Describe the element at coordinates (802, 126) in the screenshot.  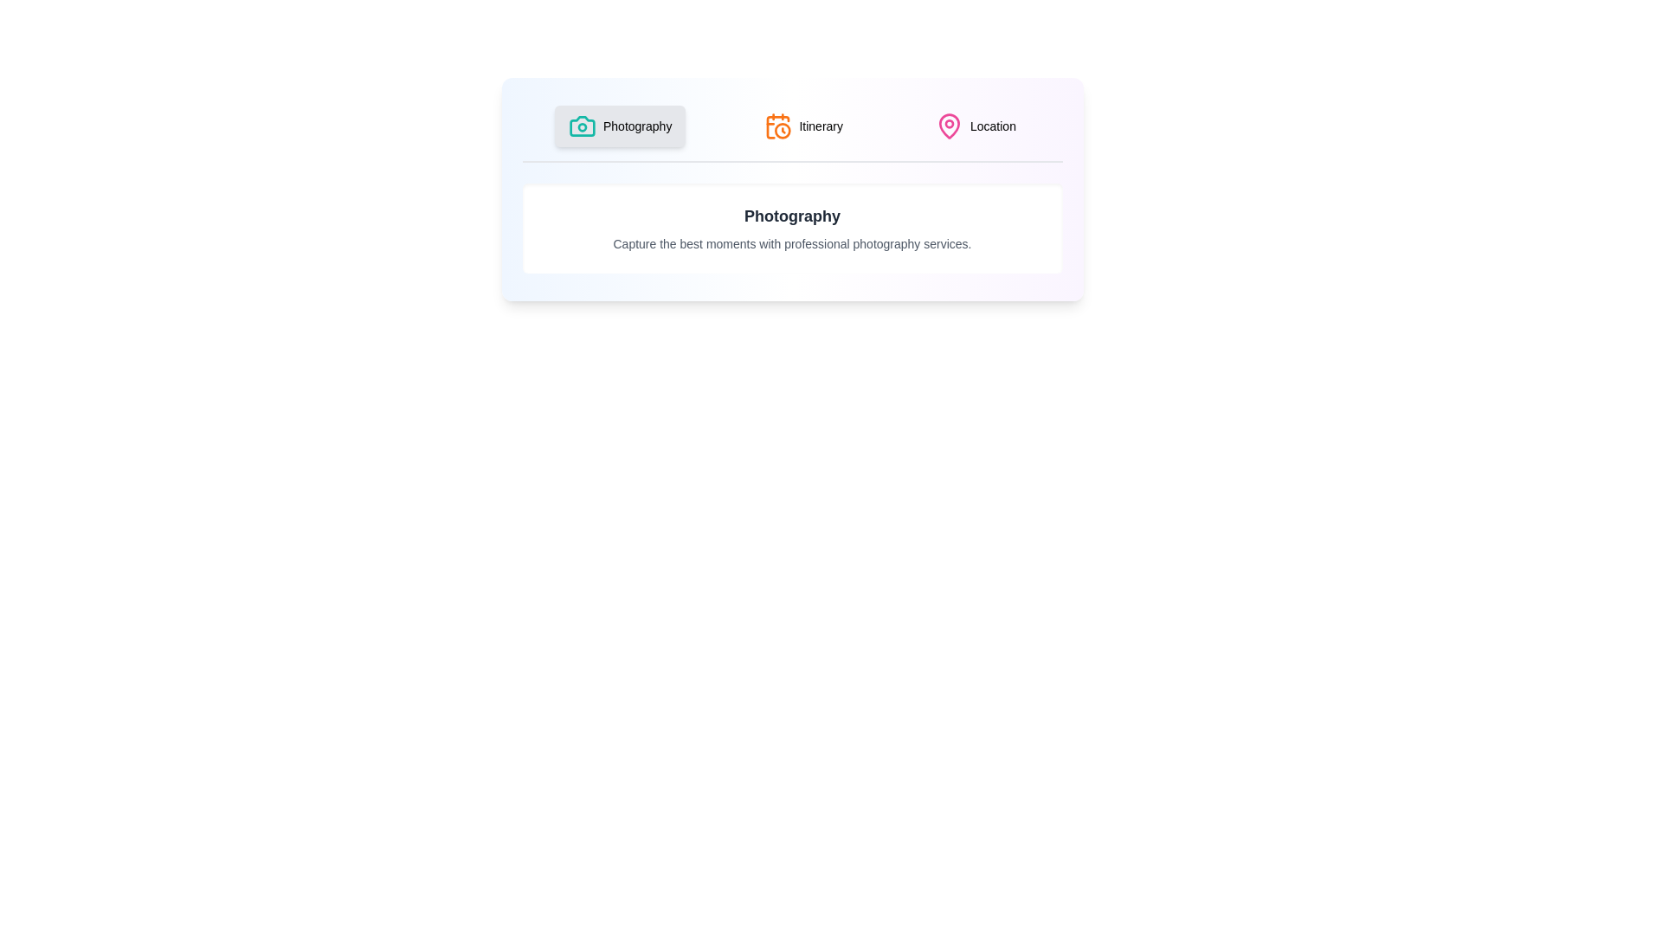
I see `the 'Itinerary' tab to activate it` at that location.